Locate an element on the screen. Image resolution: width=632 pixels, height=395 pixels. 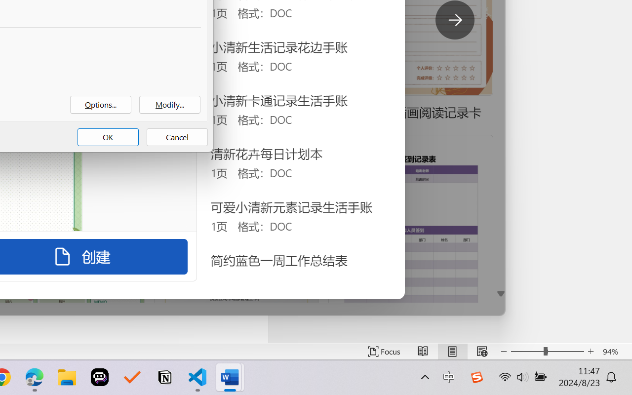
'Modify...' is located at coordinates (170, 105).